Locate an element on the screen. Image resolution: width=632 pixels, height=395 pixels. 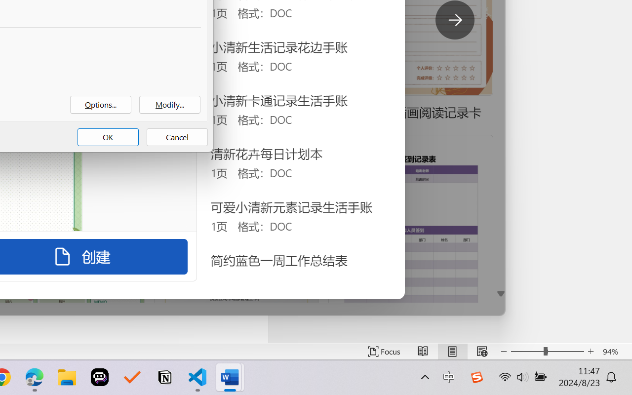
'Modify...' is located at coordinates (170, 105).